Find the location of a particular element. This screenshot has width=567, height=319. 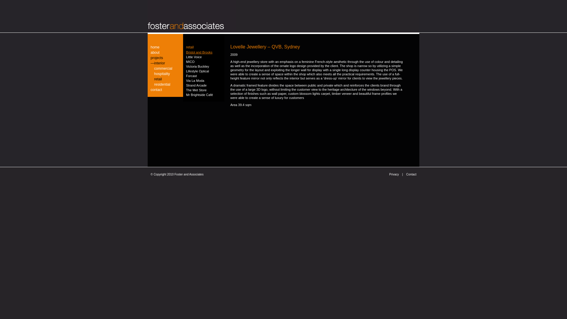

'Victoria Buckley' is located at coordinates (204, 66).